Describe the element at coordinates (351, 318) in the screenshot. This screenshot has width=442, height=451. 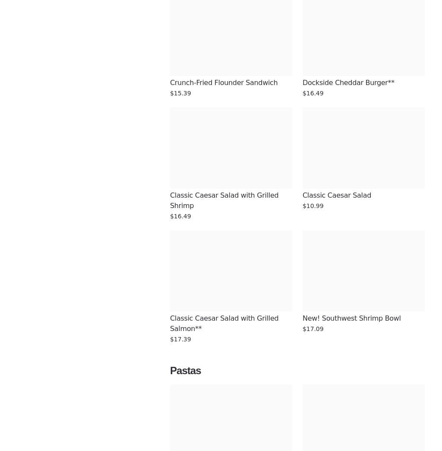
I see `'New! Southwest Shrimp Bowl'` at that location.